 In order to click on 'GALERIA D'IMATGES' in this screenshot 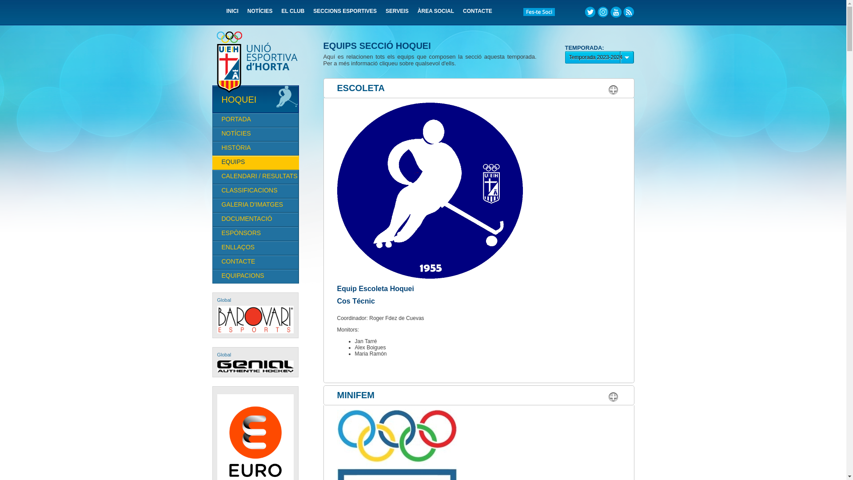, I will do `click(255, 205)`.